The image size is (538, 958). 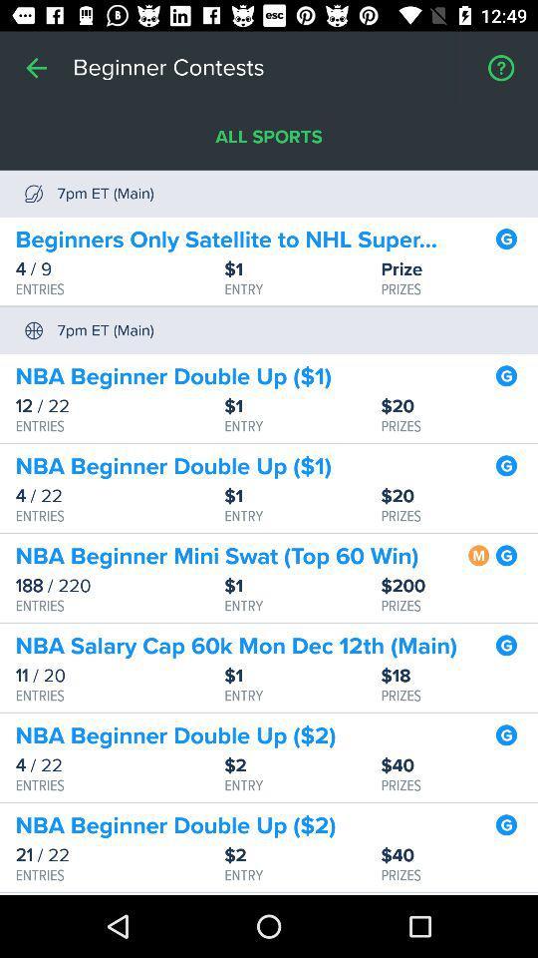 What do you see at coordinates (459, 586) in the screenshot?
I see `icon to the right of $1 icon` at bounding box center [459, 586].